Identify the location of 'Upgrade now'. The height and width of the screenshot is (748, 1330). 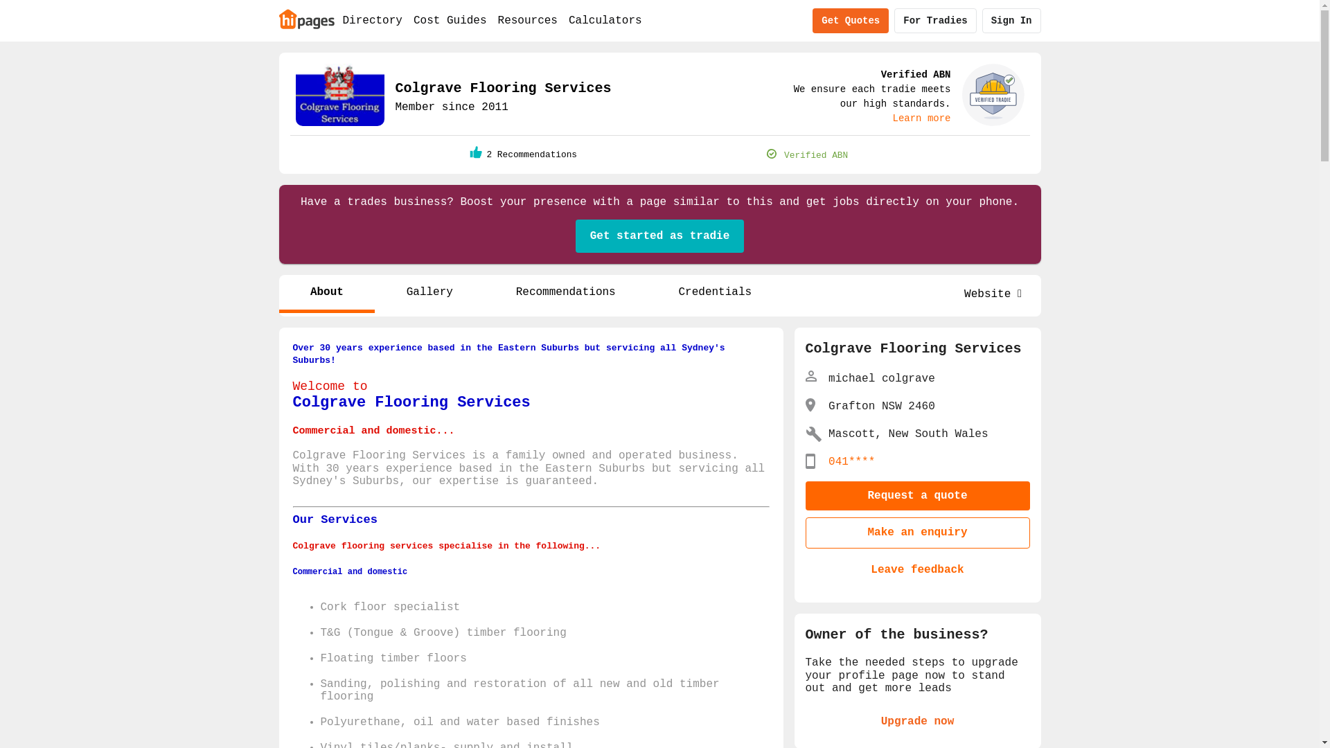
(917, 721).